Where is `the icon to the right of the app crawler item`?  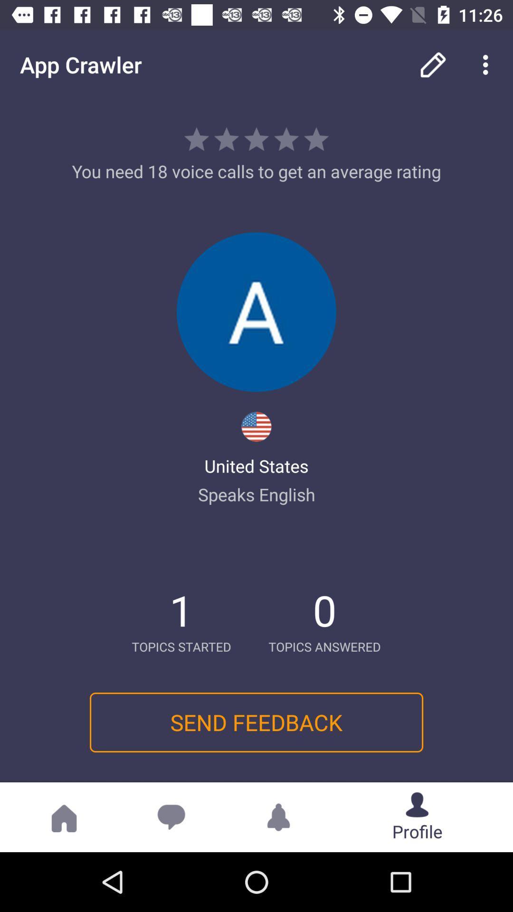 the icon to the right of the app crawler item is located at coordinates (433, 64).